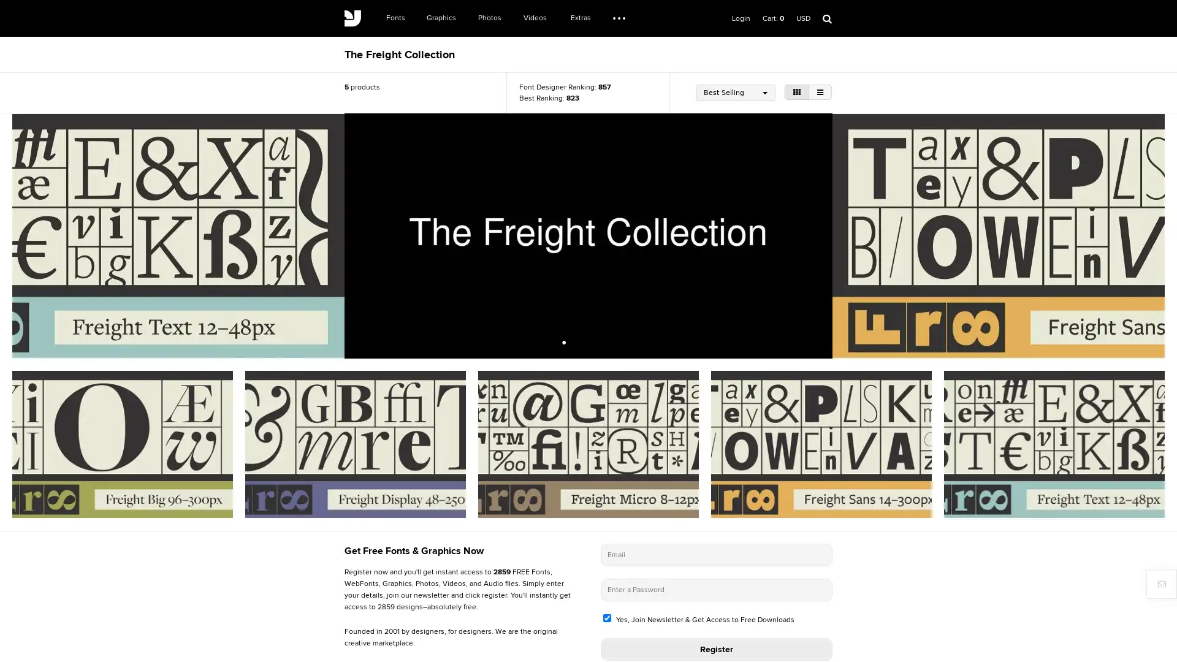  Describe the element at coordinates (736, 92) in the screenshot. I see `Best Selling` at that location.